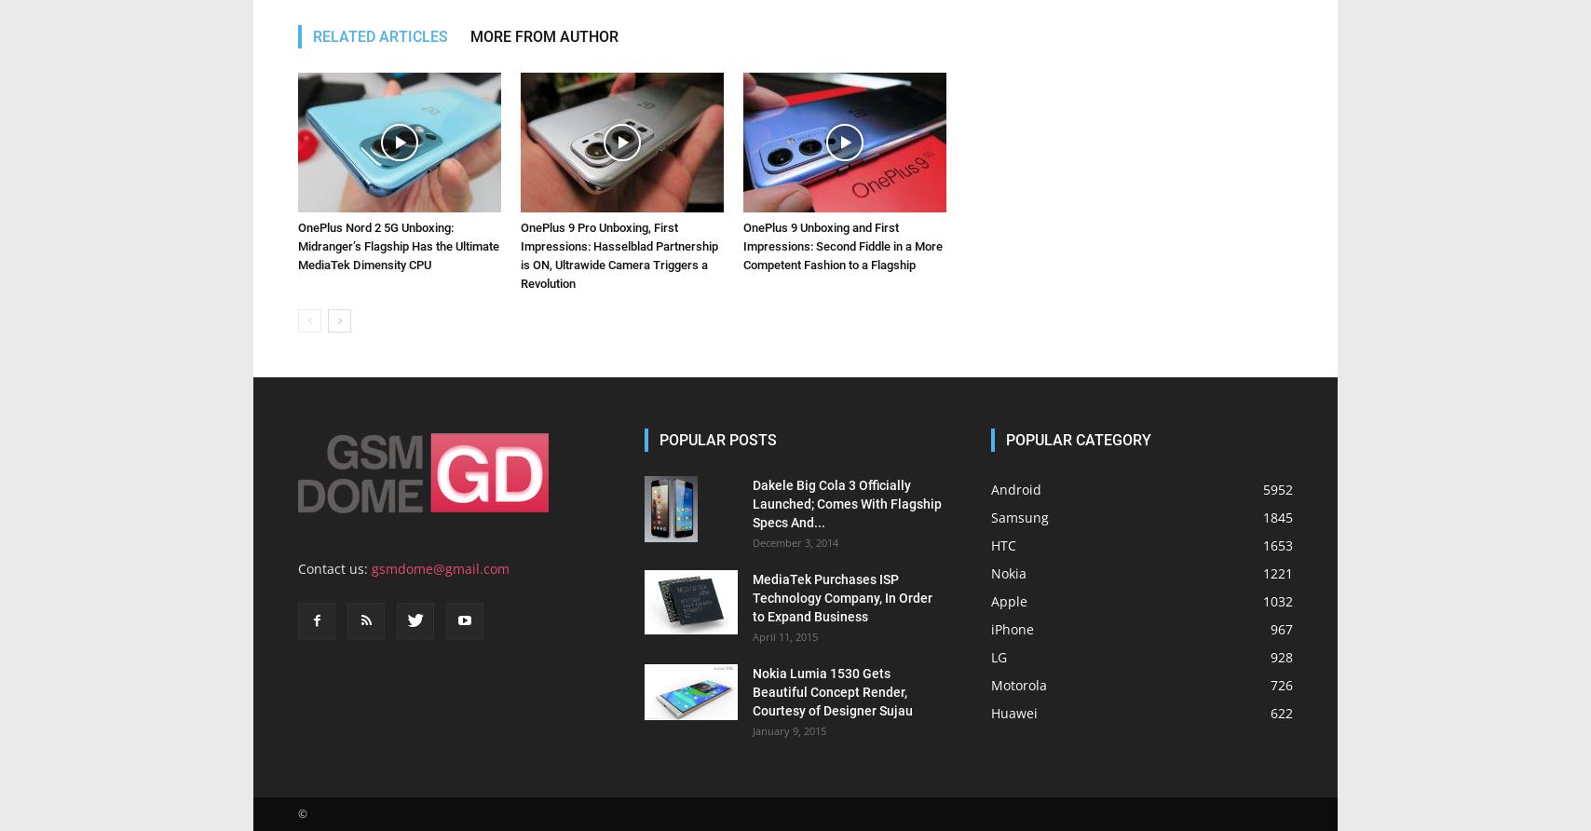 Image resolution: width=1591 pixels, height=831 pixels. I want to click on 'Samsung', so click(1019, 517).